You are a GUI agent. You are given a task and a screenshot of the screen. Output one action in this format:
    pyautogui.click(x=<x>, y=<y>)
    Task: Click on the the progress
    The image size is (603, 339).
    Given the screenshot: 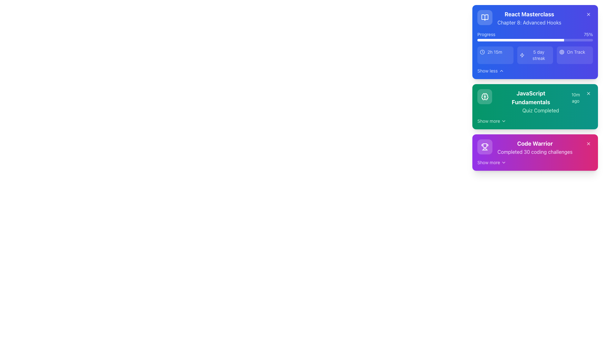 What is the action you would take?
    pyautogui.click(x=536, y=40)
    